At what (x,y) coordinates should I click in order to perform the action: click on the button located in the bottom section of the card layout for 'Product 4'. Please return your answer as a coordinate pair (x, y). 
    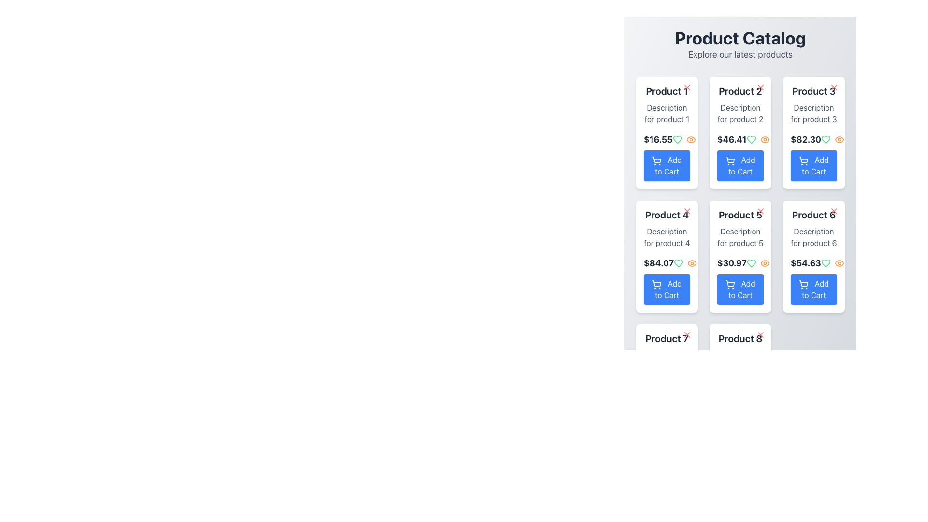
    Looking at the image, I should click on (667, 289).